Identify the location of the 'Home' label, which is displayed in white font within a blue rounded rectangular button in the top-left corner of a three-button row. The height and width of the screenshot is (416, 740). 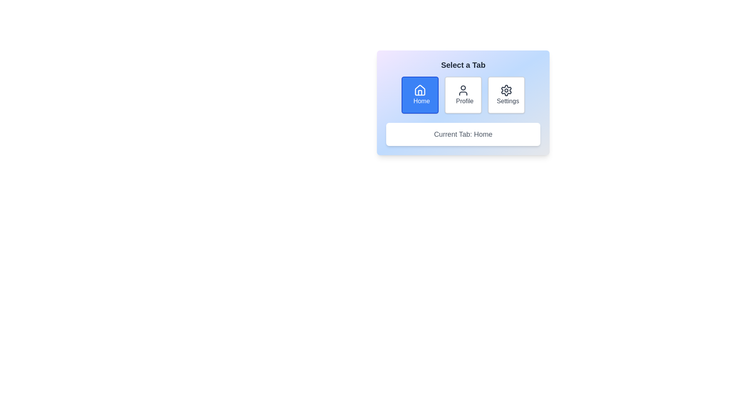
(421, 101).